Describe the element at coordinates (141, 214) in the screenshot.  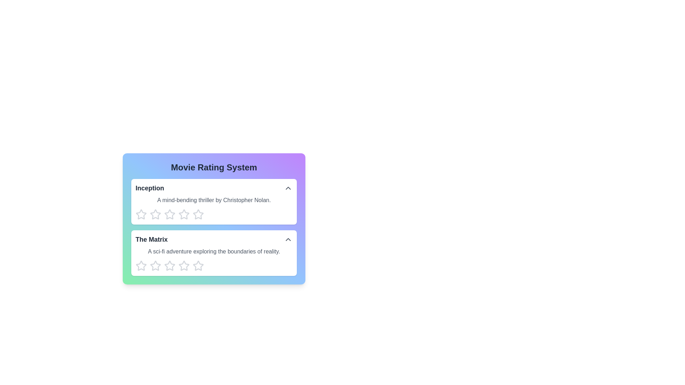
I see `the first star icon button in the movie rating system interface` at that location.